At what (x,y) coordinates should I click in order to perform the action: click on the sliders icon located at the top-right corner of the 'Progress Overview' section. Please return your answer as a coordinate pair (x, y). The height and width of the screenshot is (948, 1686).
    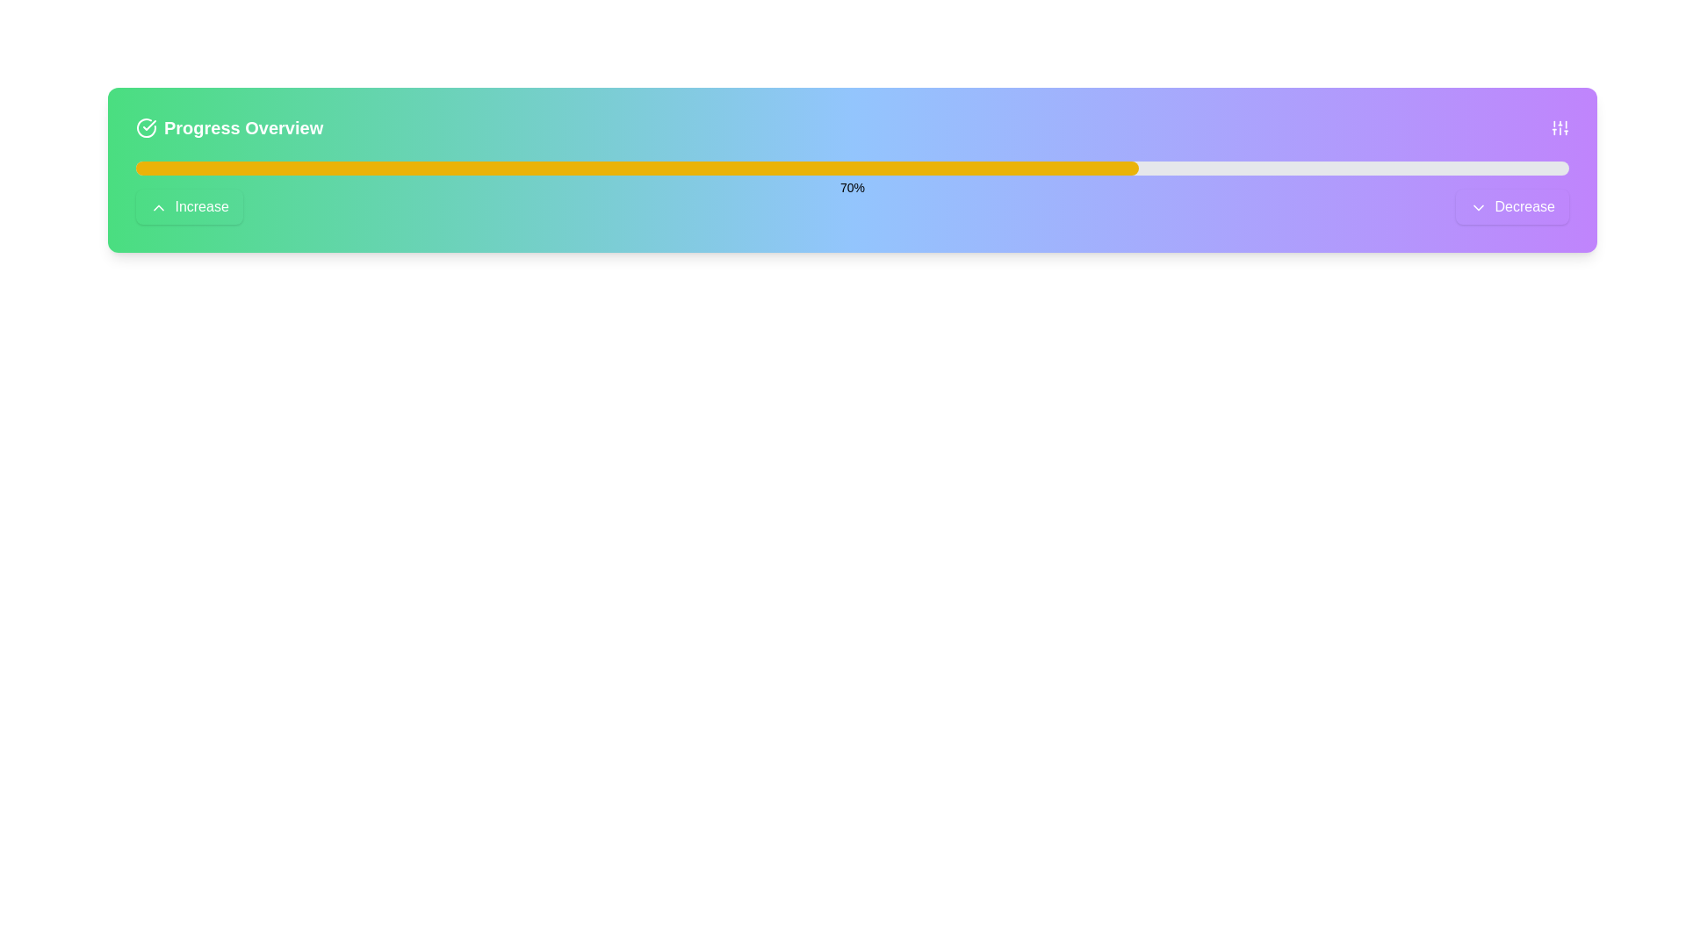
    Looking at the image, I should click on (1560, 127).